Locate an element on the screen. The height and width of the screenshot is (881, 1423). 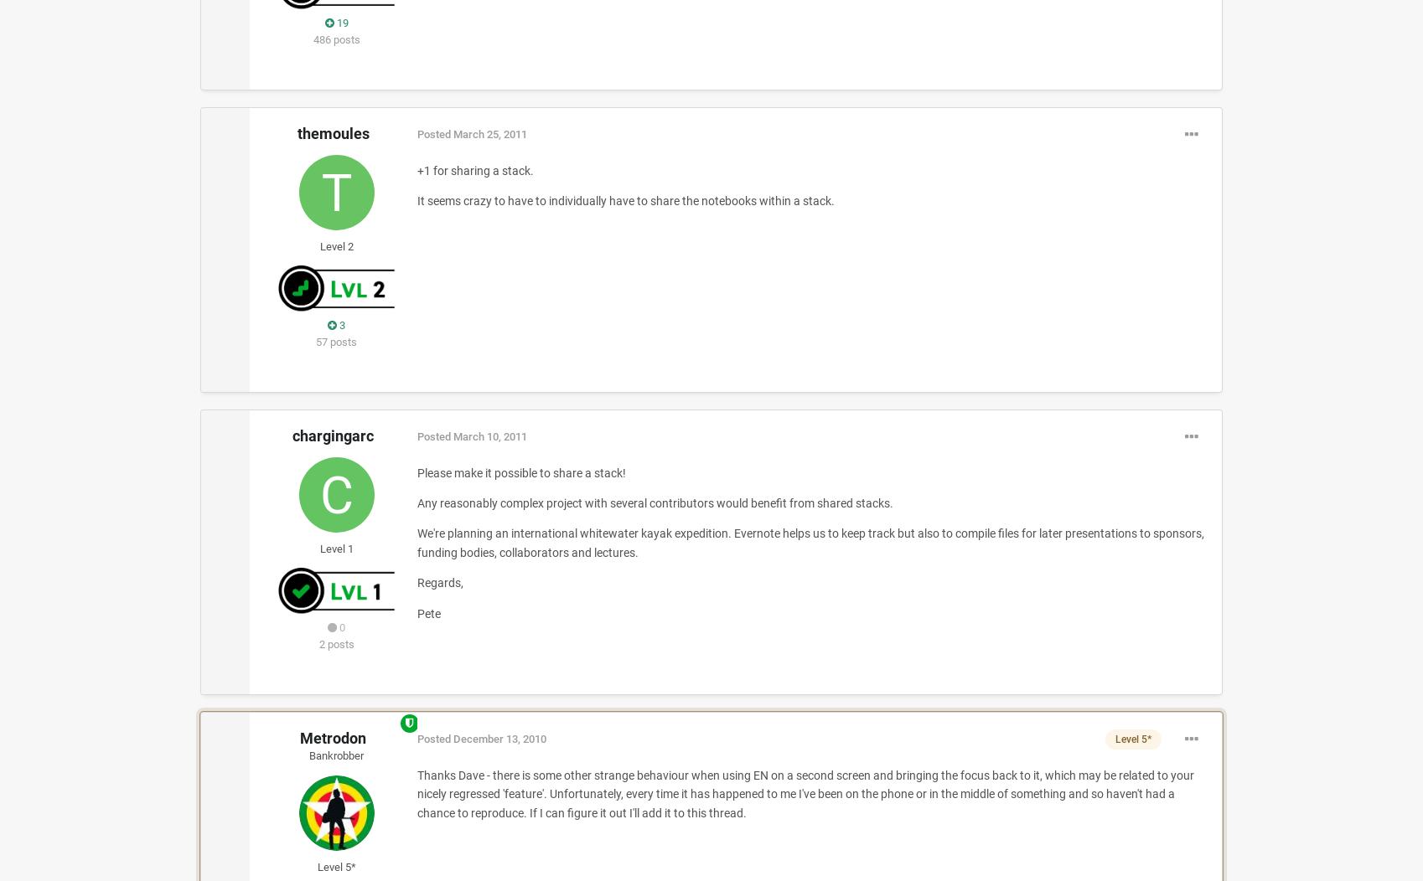
'themoules' is located at coordinates (332, 131).